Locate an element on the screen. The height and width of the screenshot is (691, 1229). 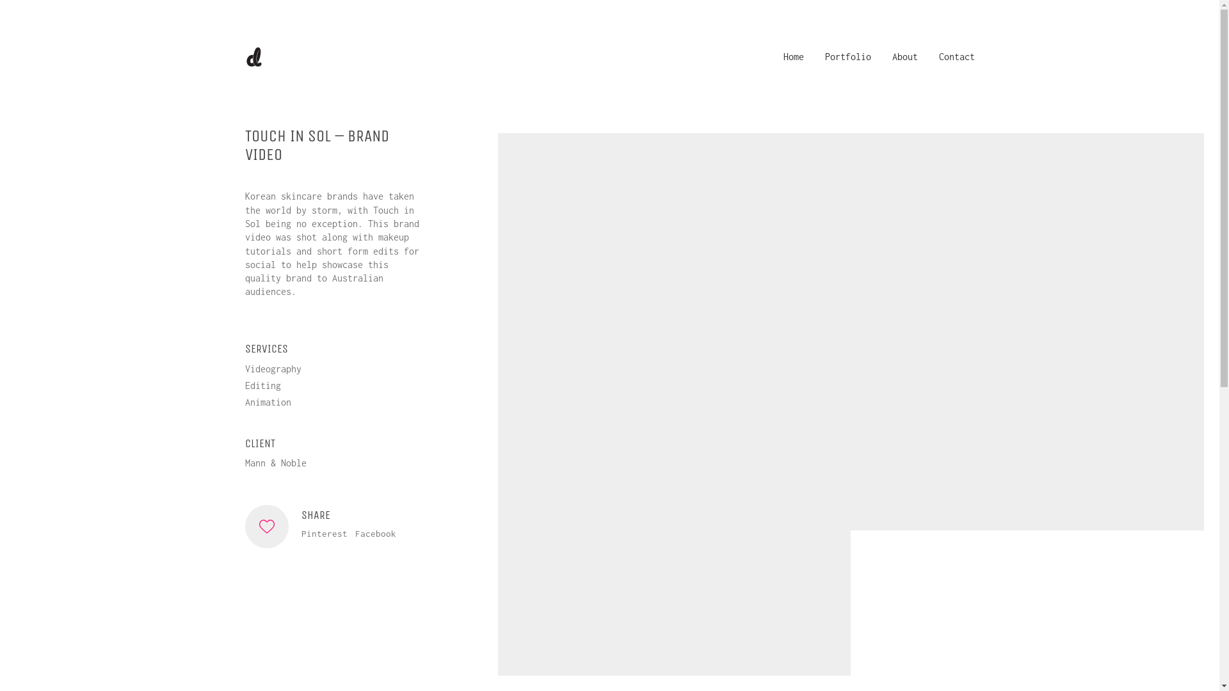
'Pinterest' is located at coordinates (323, 534).